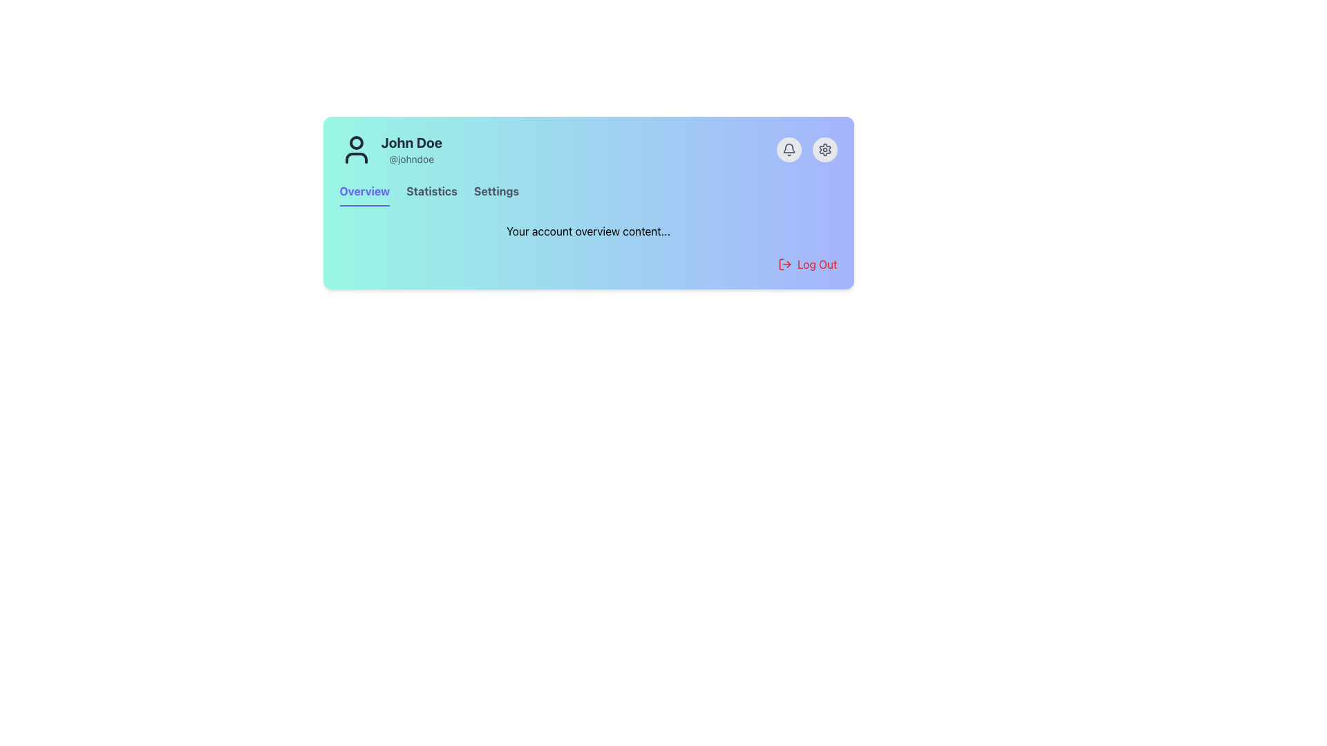 The image size is (1327, 746). Describe the element at coordinates (825, 149) in the screenshot. I see `the gear icon within the rightmost circular button in the top-right section of the settings panel` at that location.